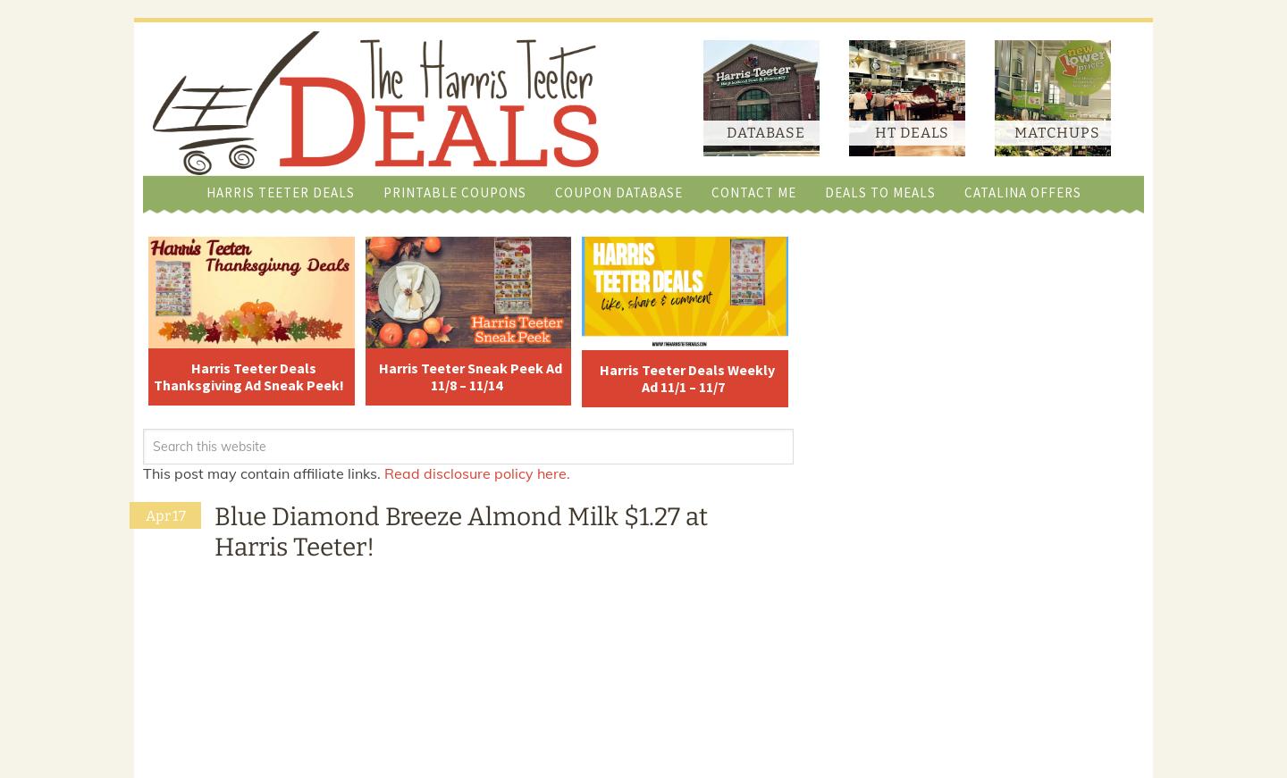 The height and width of the screenshot is (778, 1287). I want to click on 'Matchups', so click(1056, 132).